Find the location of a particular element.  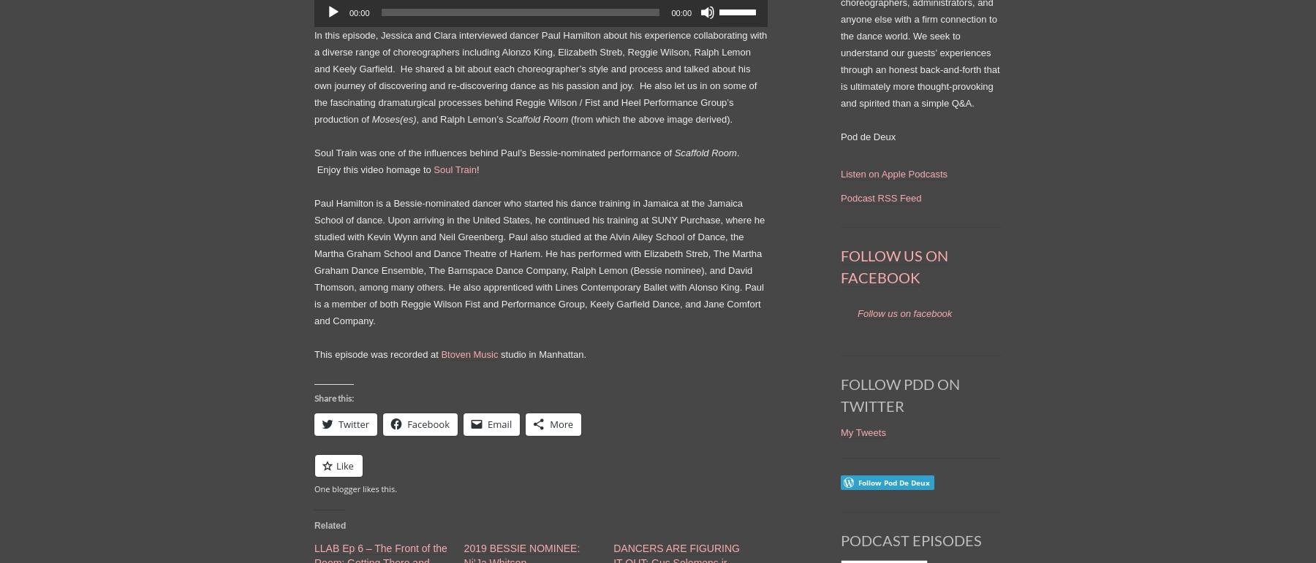

'.' is located at coordinates (314, 159).